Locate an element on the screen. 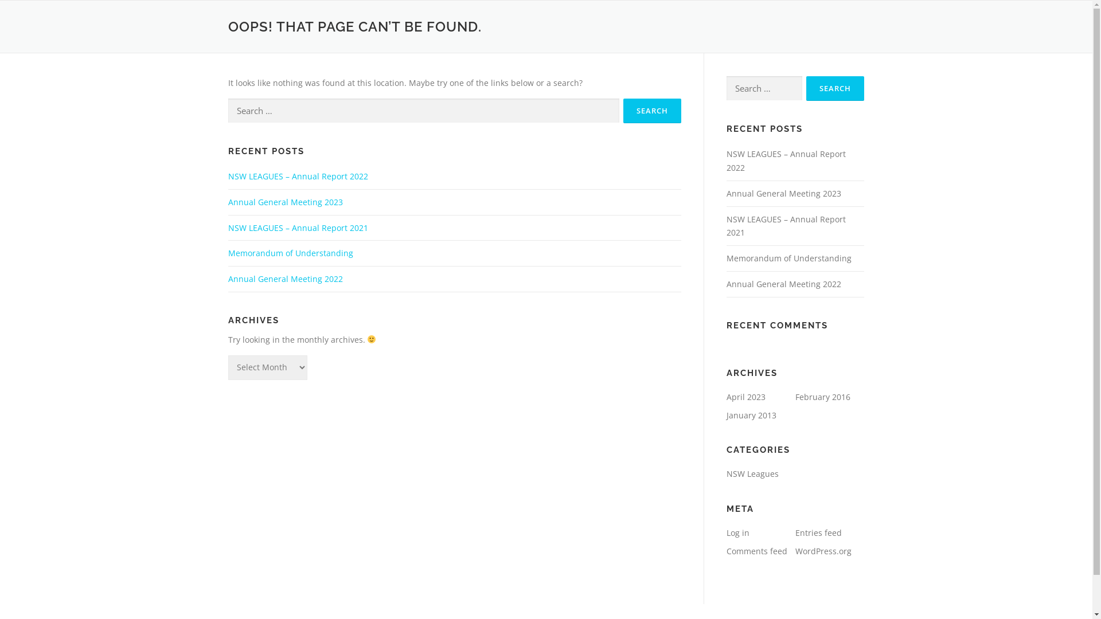 This screenshot has height=619, width=1101. 'Annual General Meeting 2023' is located at coordinates (228, 201).